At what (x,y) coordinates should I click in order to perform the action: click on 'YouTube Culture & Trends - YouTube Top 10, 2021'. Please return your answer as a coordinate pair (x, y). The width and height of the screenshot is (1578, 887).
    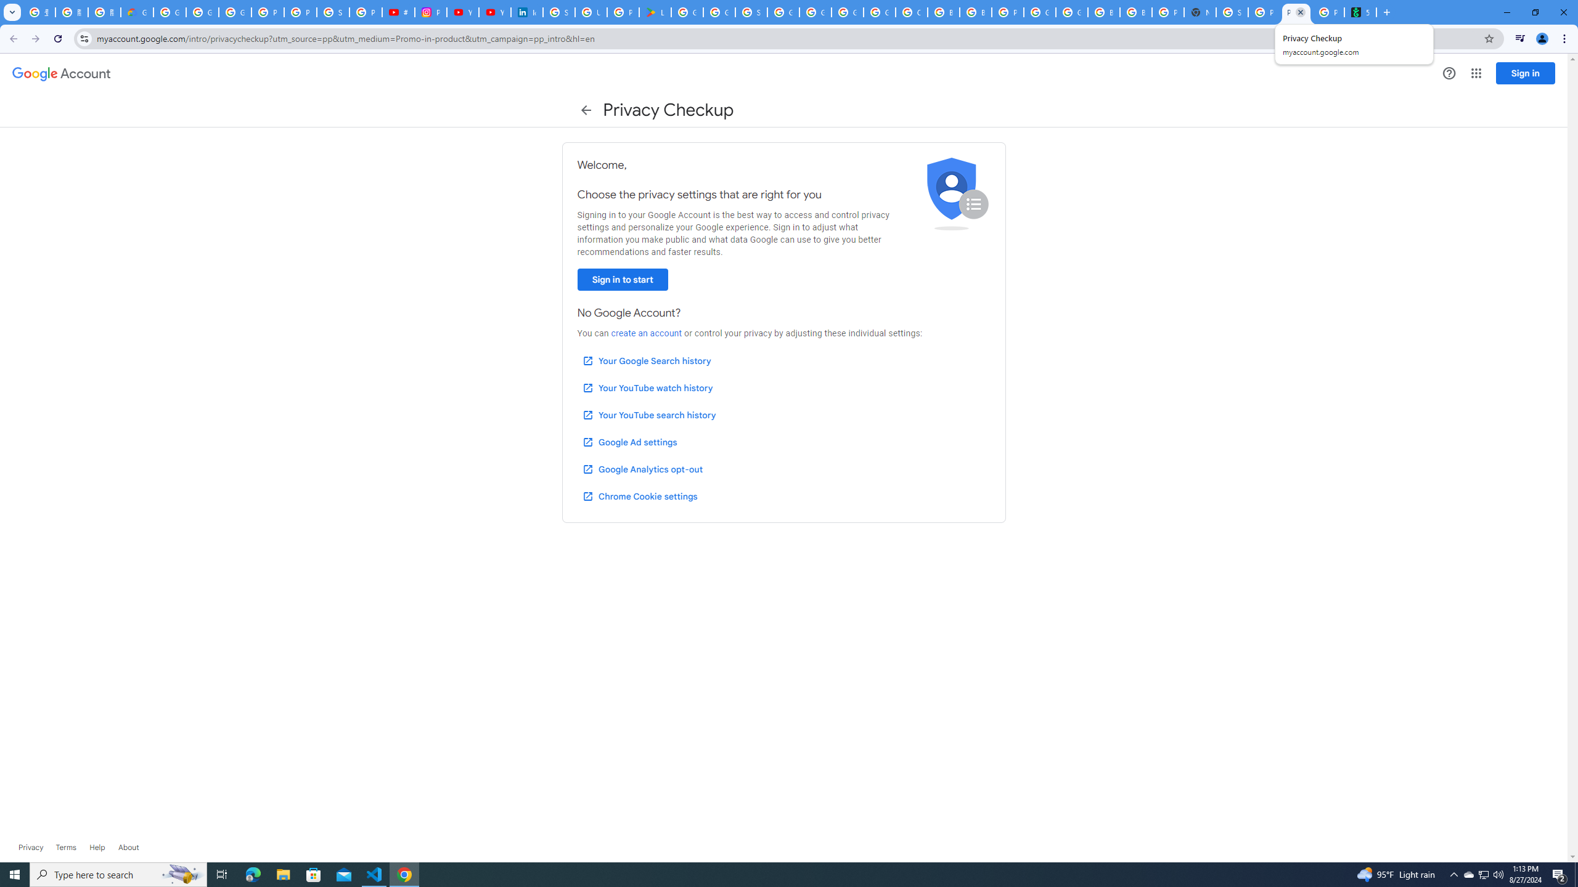
    Looking at the image, I should click on (494, 12).